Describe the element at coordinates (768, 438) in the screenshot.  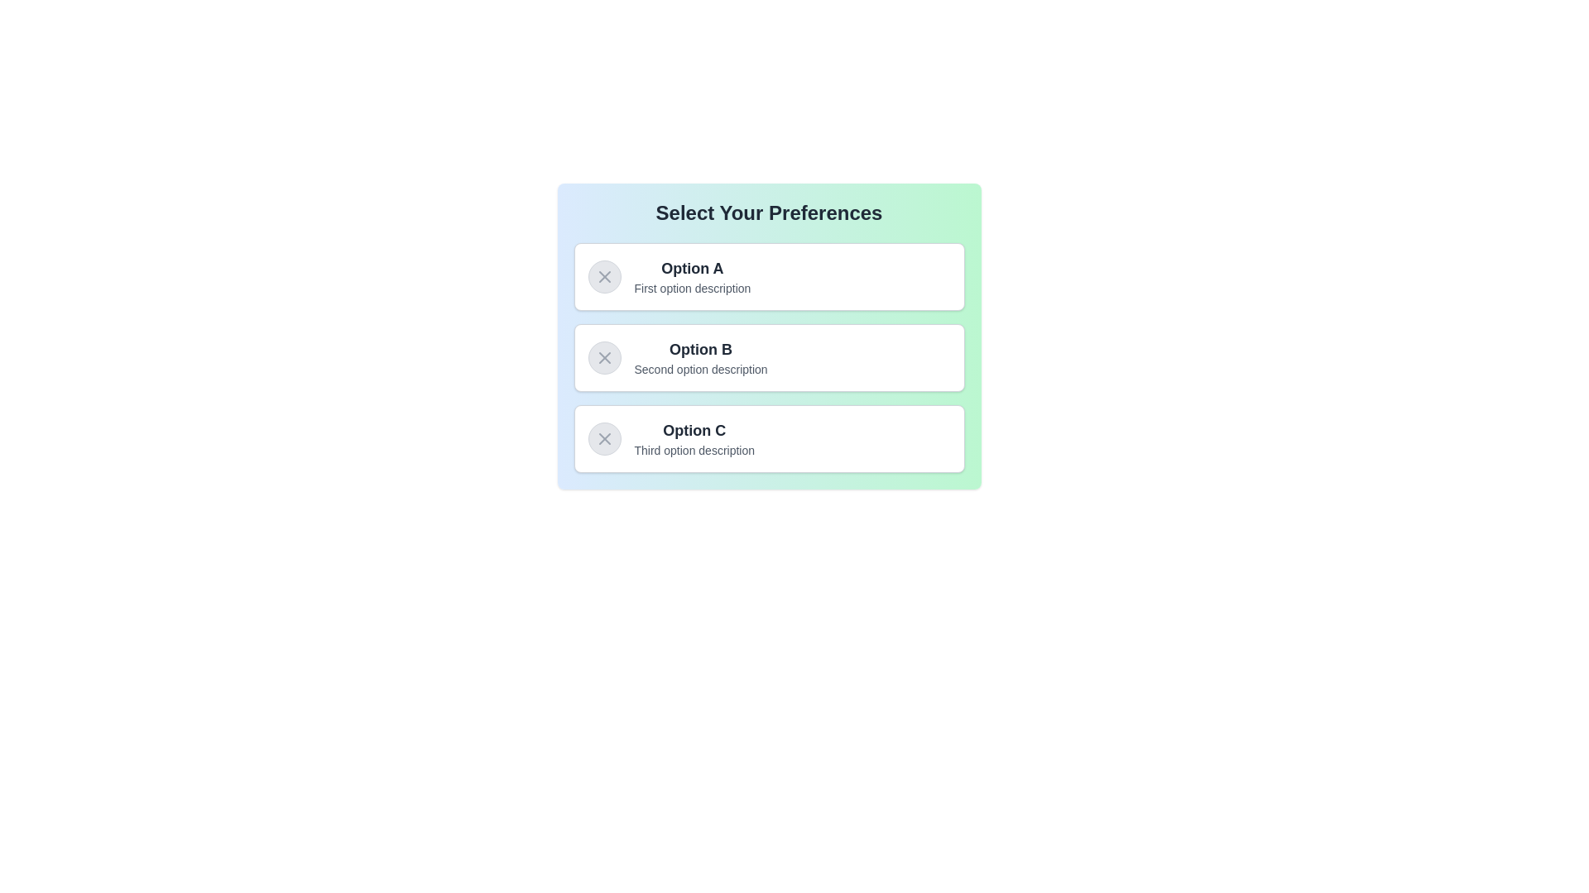
I see `the third button-like card in the preference selection interface` at that location.